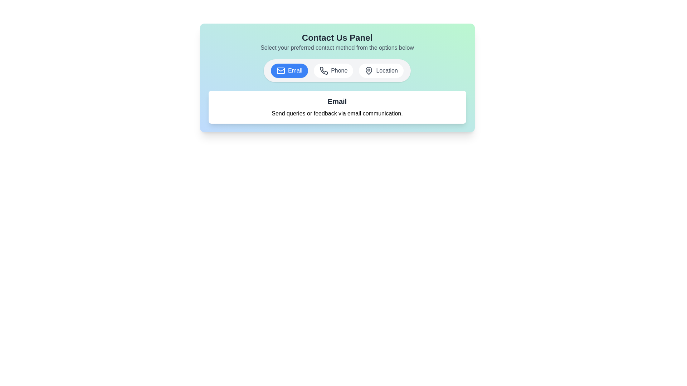 This screenshot has width=687, height=386. What do you see at coordinates (369, 70) in the screenshot?
I see `the upper curved part of the pin-like icon representing location options, which is positioned at the far right of the Email and Phone options` at bounding box center [369, 70].